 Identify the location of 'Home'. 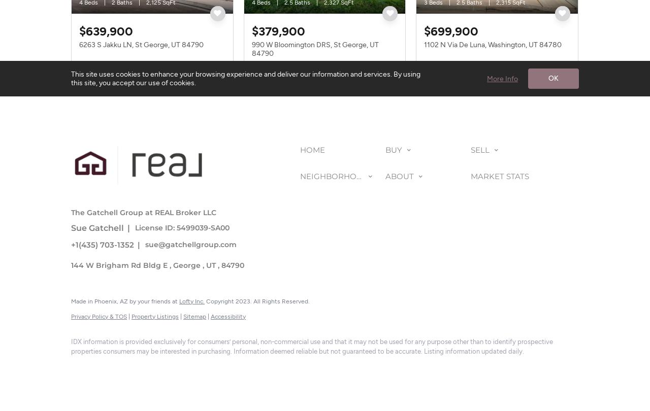
(312, 149).